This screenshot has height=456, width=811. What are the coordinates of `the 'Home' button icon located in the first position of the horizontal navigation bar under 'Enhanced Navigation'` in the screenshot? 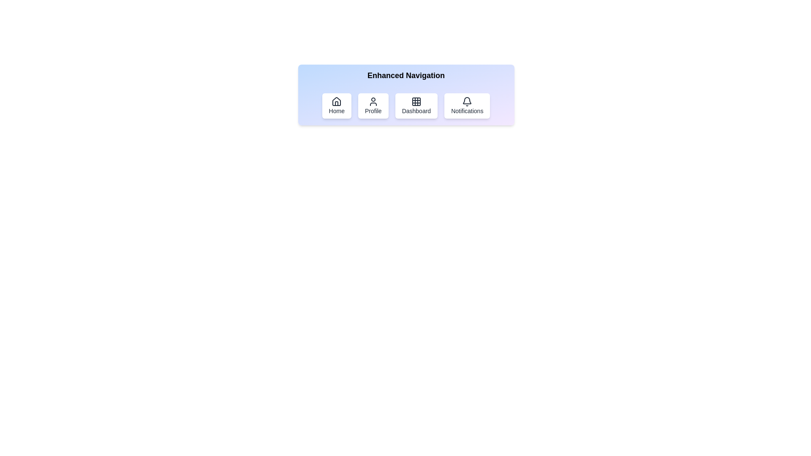 It's located at (336, 101).